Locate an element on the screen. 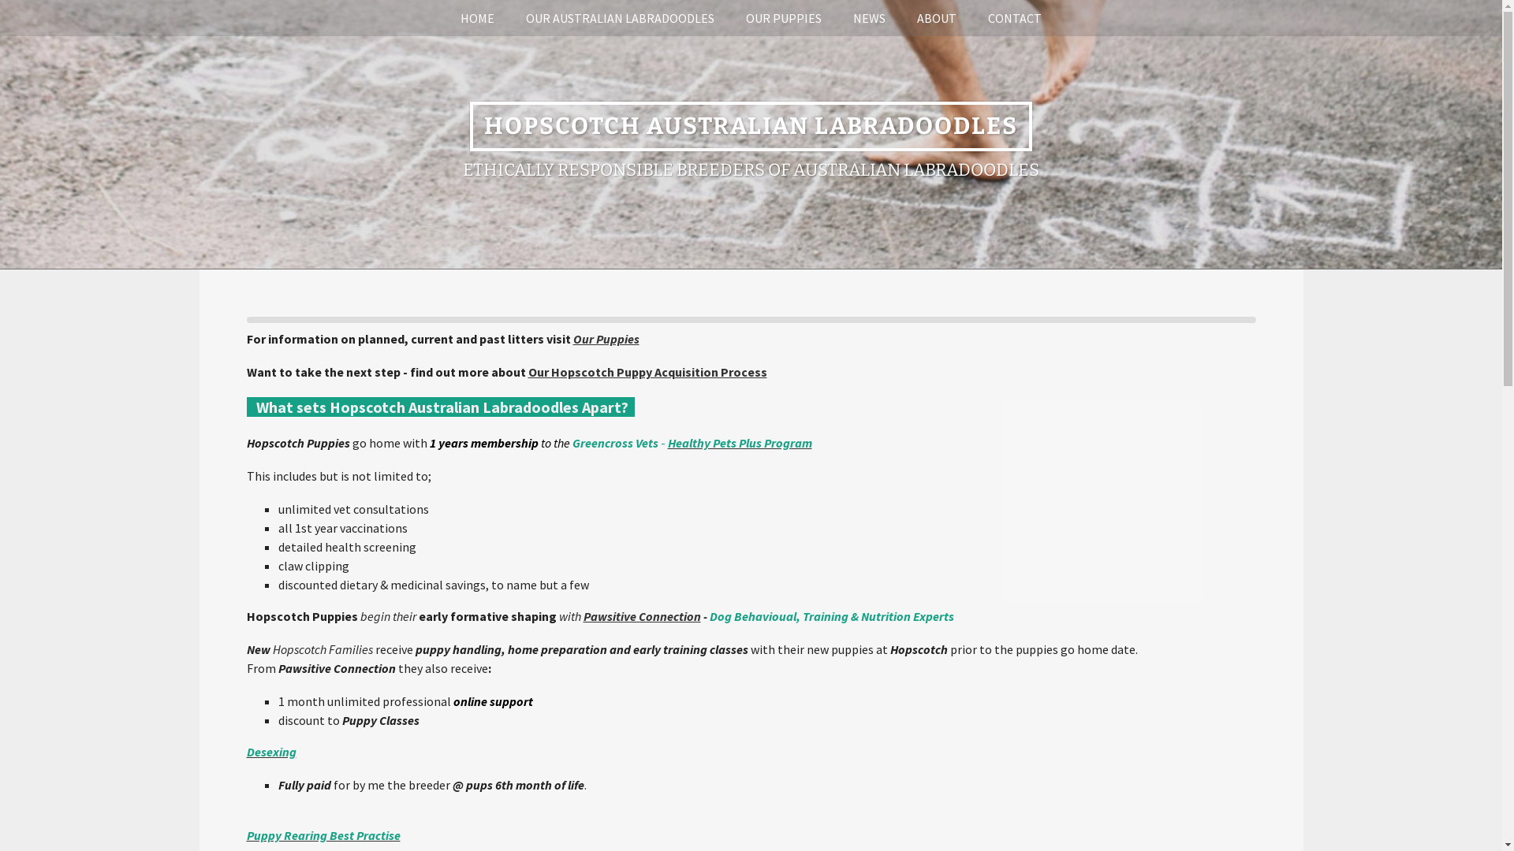 The height and width of the screenshot is (851, 1514). 'HOME' is located at coordinates (444, 18).